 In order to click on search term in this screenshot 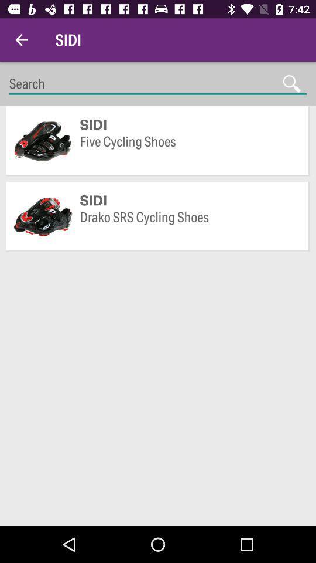, I will do `click(158, 83)`.